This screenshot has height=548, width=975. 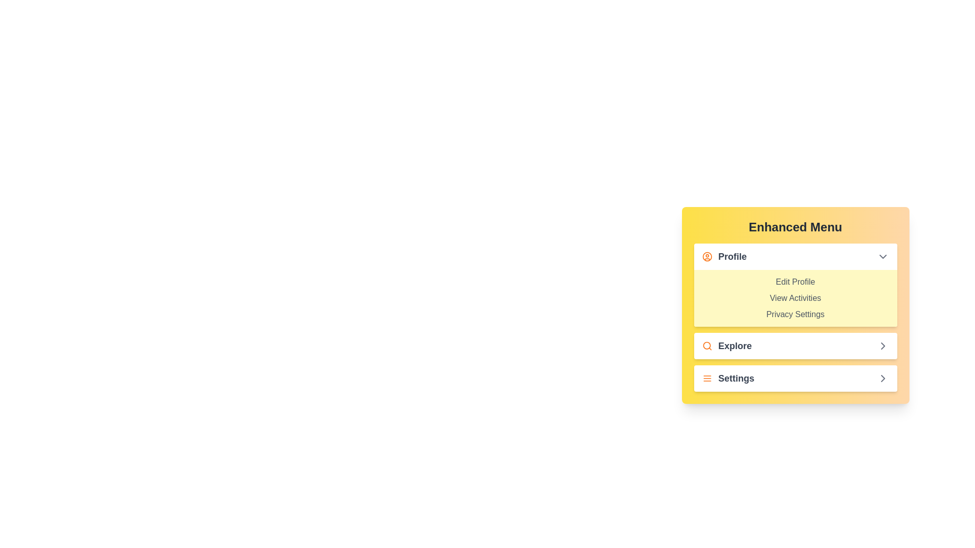 What do you see at coordinates (882, 256) in the screenshot?
I see `the Dropdown indicator icon (chevron) located at the far right of the 'Profile' section` at bounding box center [882, 256].